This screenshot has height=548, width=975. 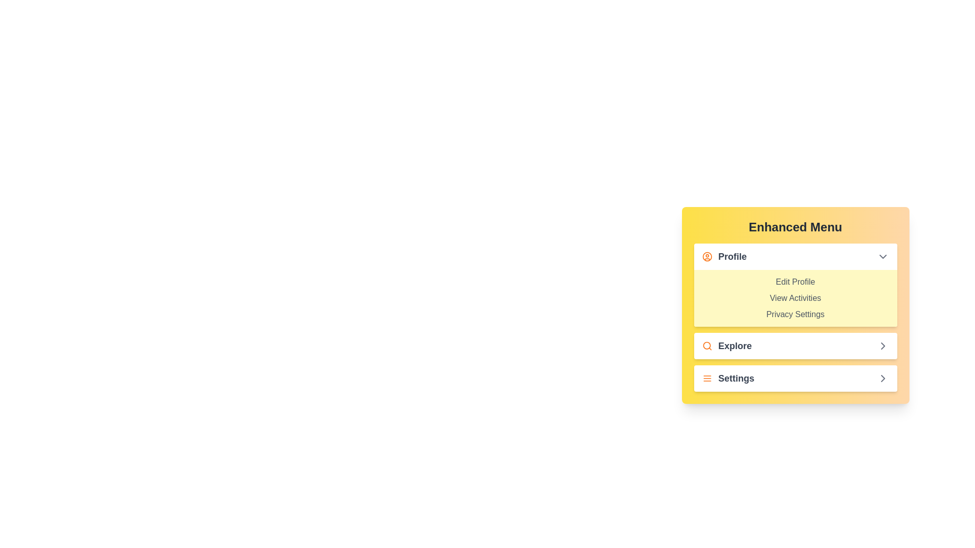 What do you see at coordinates (882, 256) in the screenshot?
I see `the Dropdown indicator icon (chevron) located at the far right of the 'Profile' section` at bounding box center [882, 256].